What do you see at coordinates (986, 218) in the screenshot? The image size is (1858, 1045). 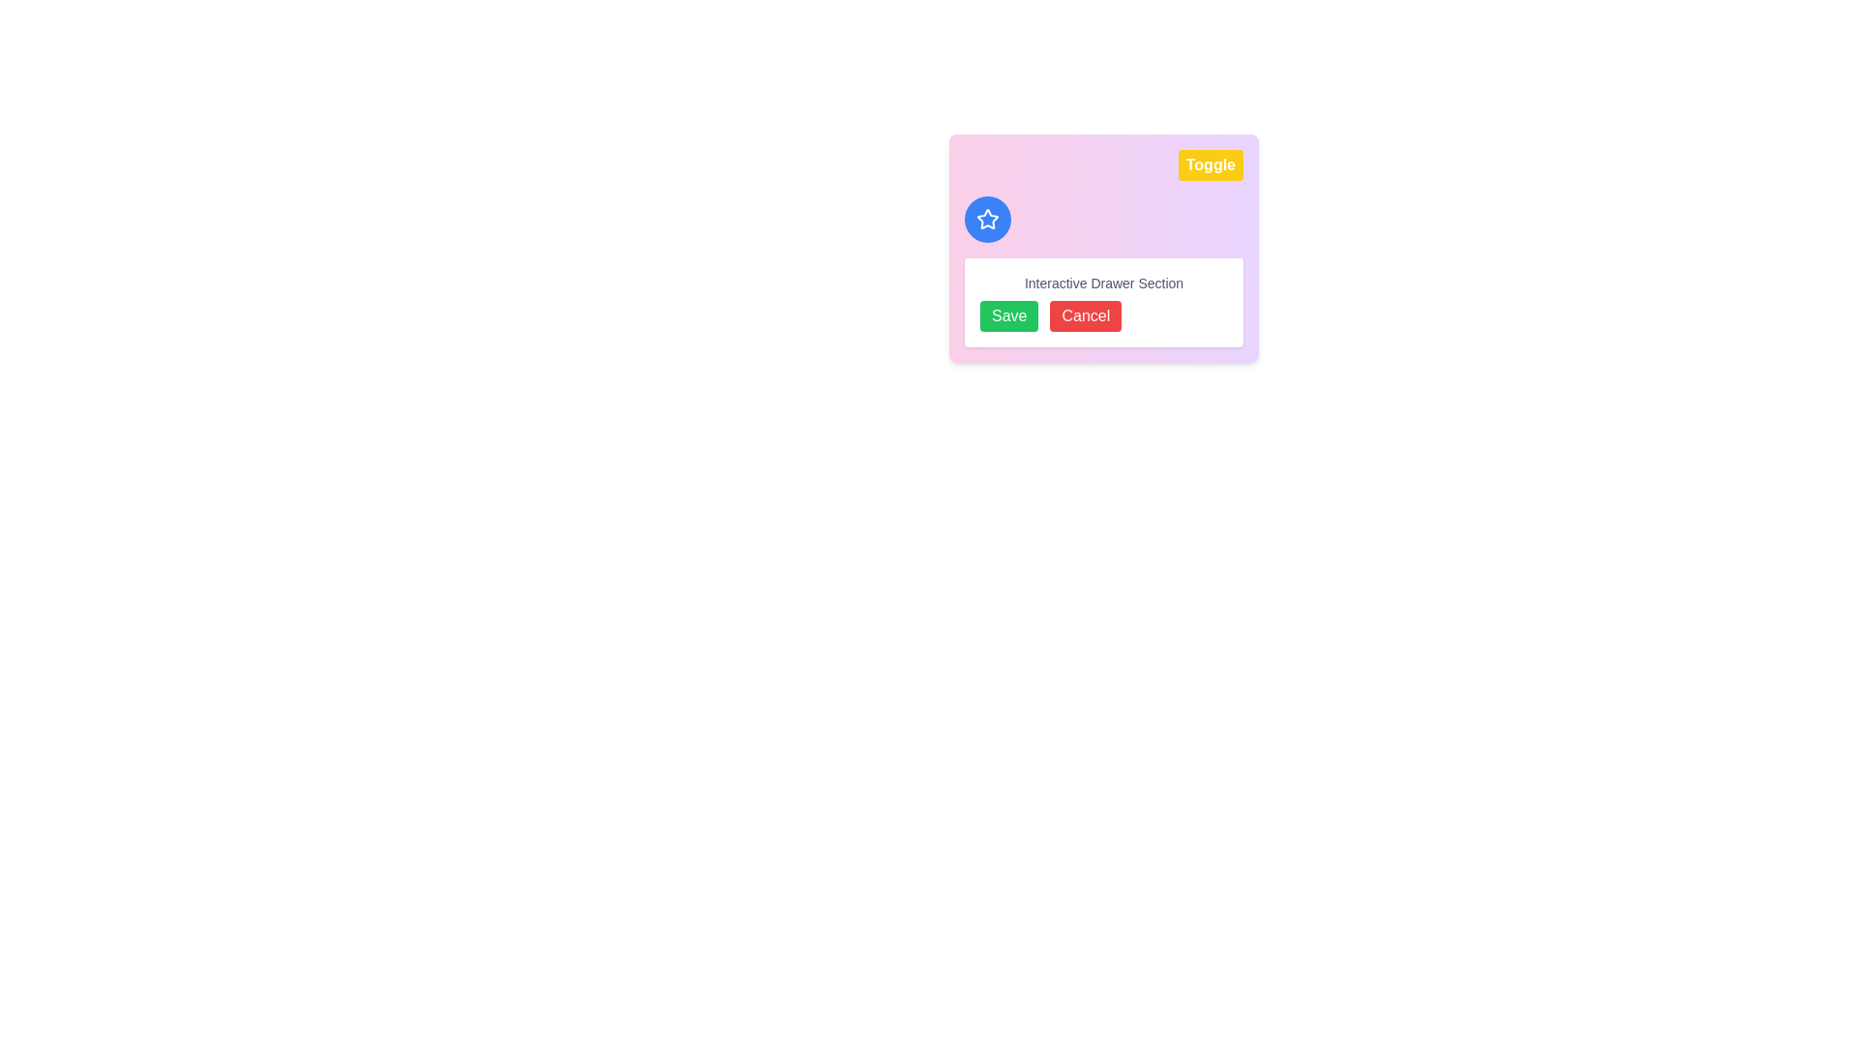 I see `the star icon located in the upper left section of the colored gradient block, which symbolizes favoriting or highlighting` at bounding box center [986, 218].